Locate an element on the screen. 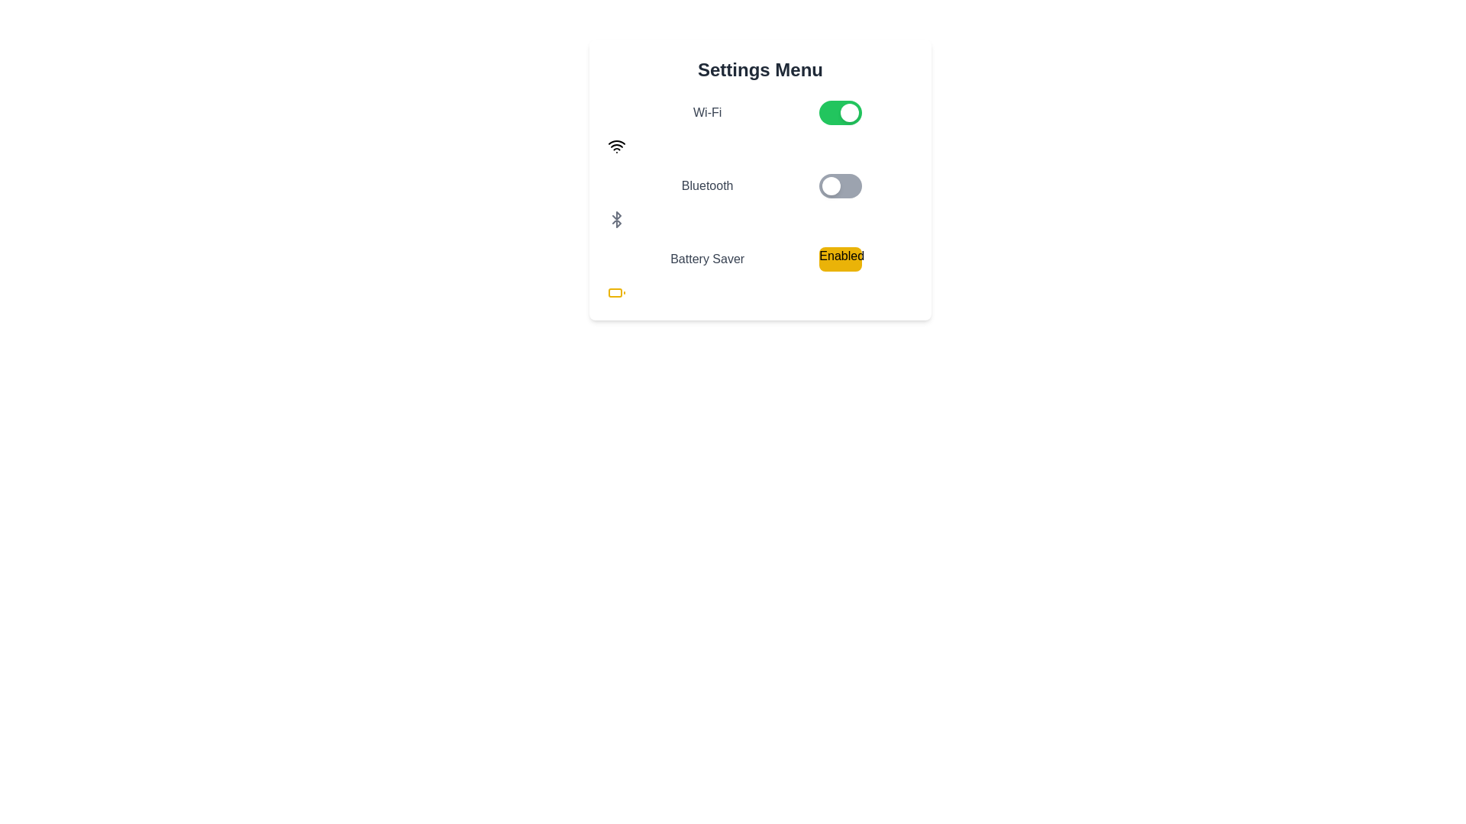 The height and width of the screenshot is (824, 1466). the Wi-Fi icon, which is a black icon with stacked arcs and a dot beneath them, located at the leftmost position in the grid layout, aligned with the 'Wi-Fi' text and toggle switch is located at coordinates (616, 146).